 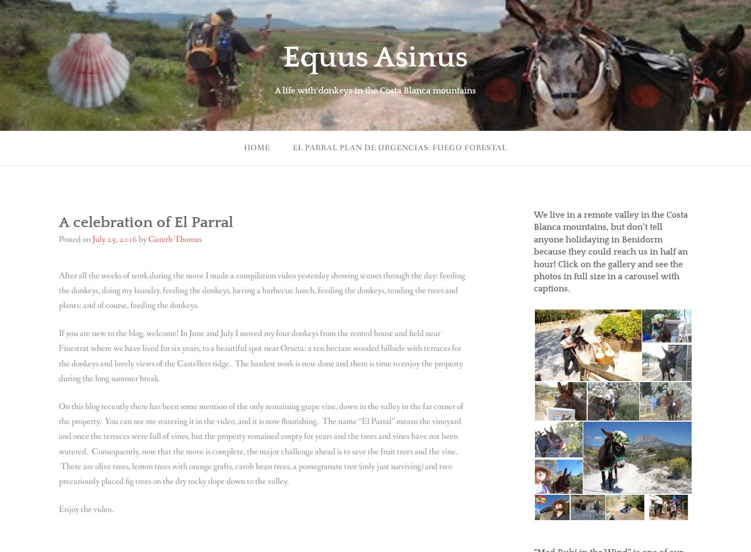 What do you see at coordinates (75, 238) in the screenshot?
I see `'Posted on'` at bounding box center [75, 238].